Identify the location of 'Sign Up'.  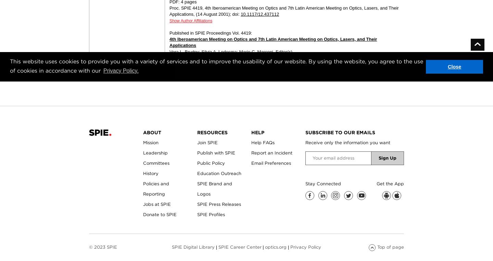
(387, 158).